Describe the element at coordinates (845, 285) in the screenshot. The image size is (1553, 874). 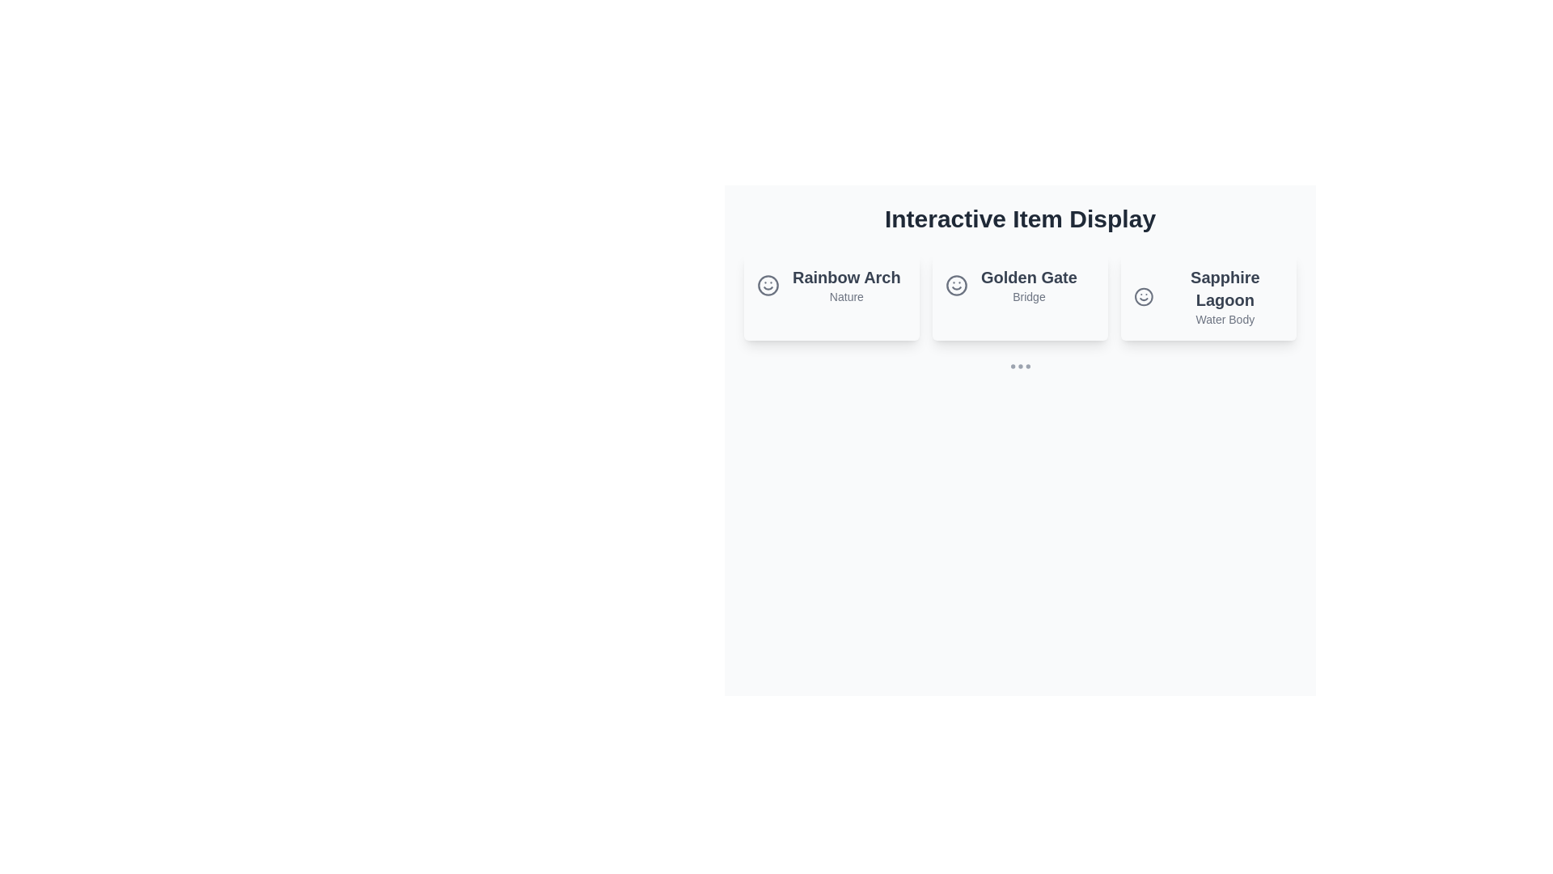
I see `the text block displaying 'Rainbow Arch' and 'Nature' which is centrally aligned in the first card of a horizontally-aligned list` at that location.